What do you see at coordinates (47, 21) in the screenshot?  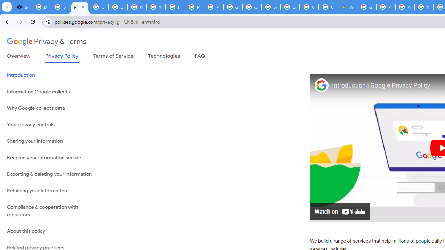 I see `'View site information'` at bounding box center [47, 21].